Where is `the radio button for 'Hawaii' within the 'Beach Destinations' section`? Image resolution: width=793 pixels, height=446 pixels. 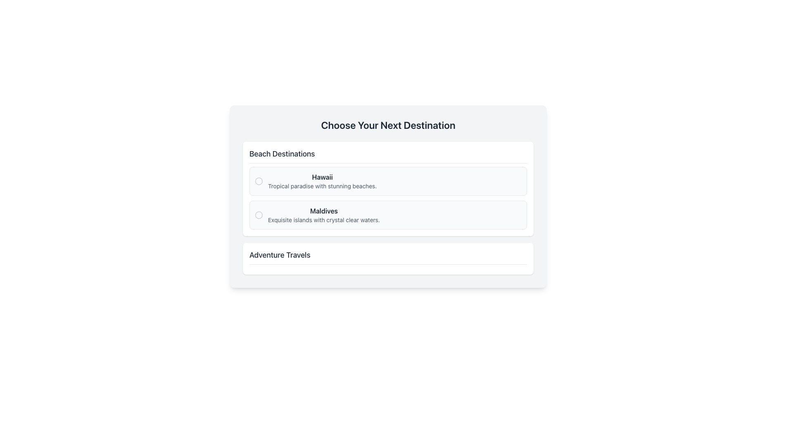 the radio button for 'Hawaii' within the 'Beach Destinations' section is located at coordinates (259, 181).